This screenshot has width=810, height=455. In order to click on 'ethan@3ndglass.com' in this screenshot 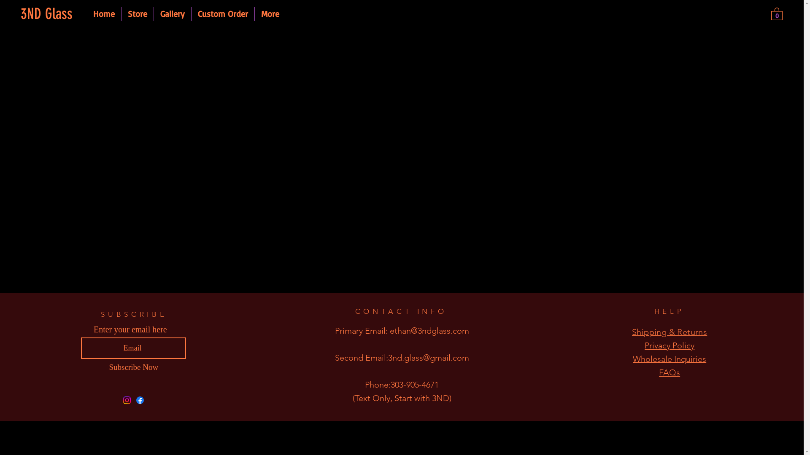, I will do `click(429, 330)`.